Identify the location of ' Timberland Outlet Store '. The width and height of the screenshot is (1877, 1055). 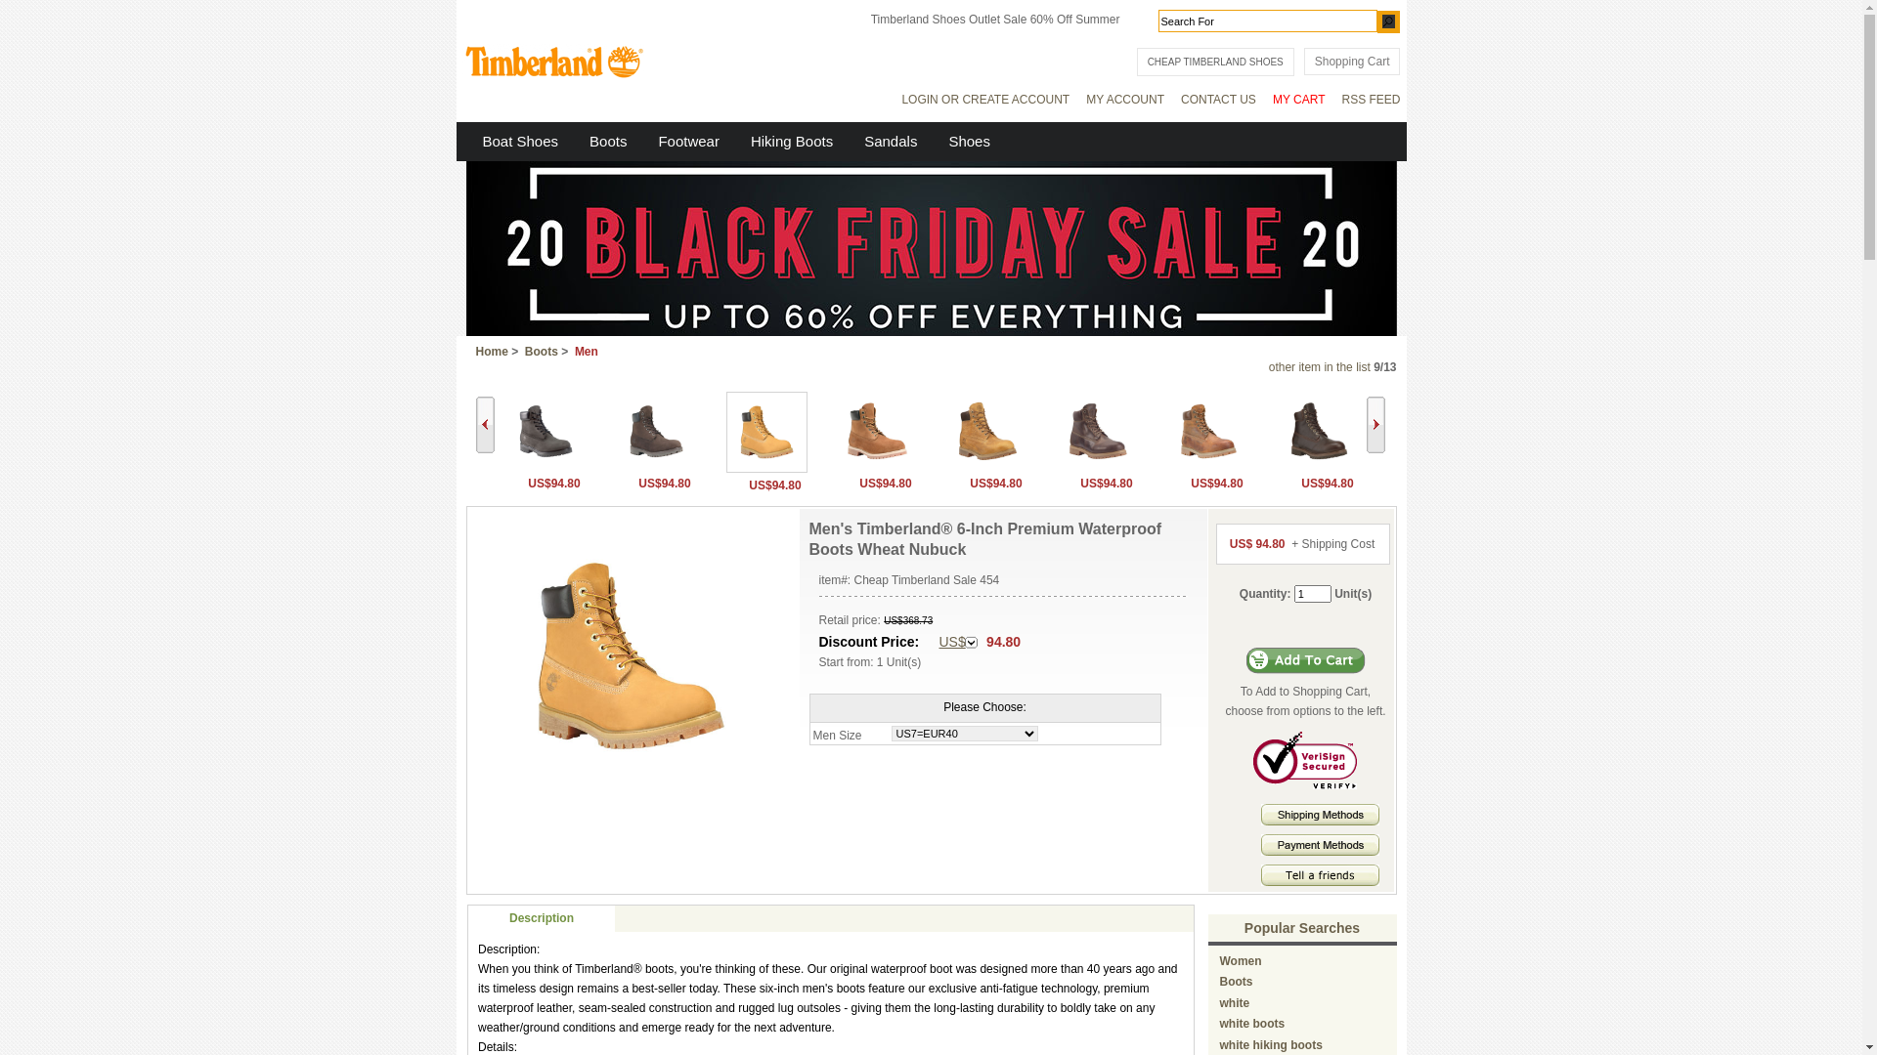
(551, 62).